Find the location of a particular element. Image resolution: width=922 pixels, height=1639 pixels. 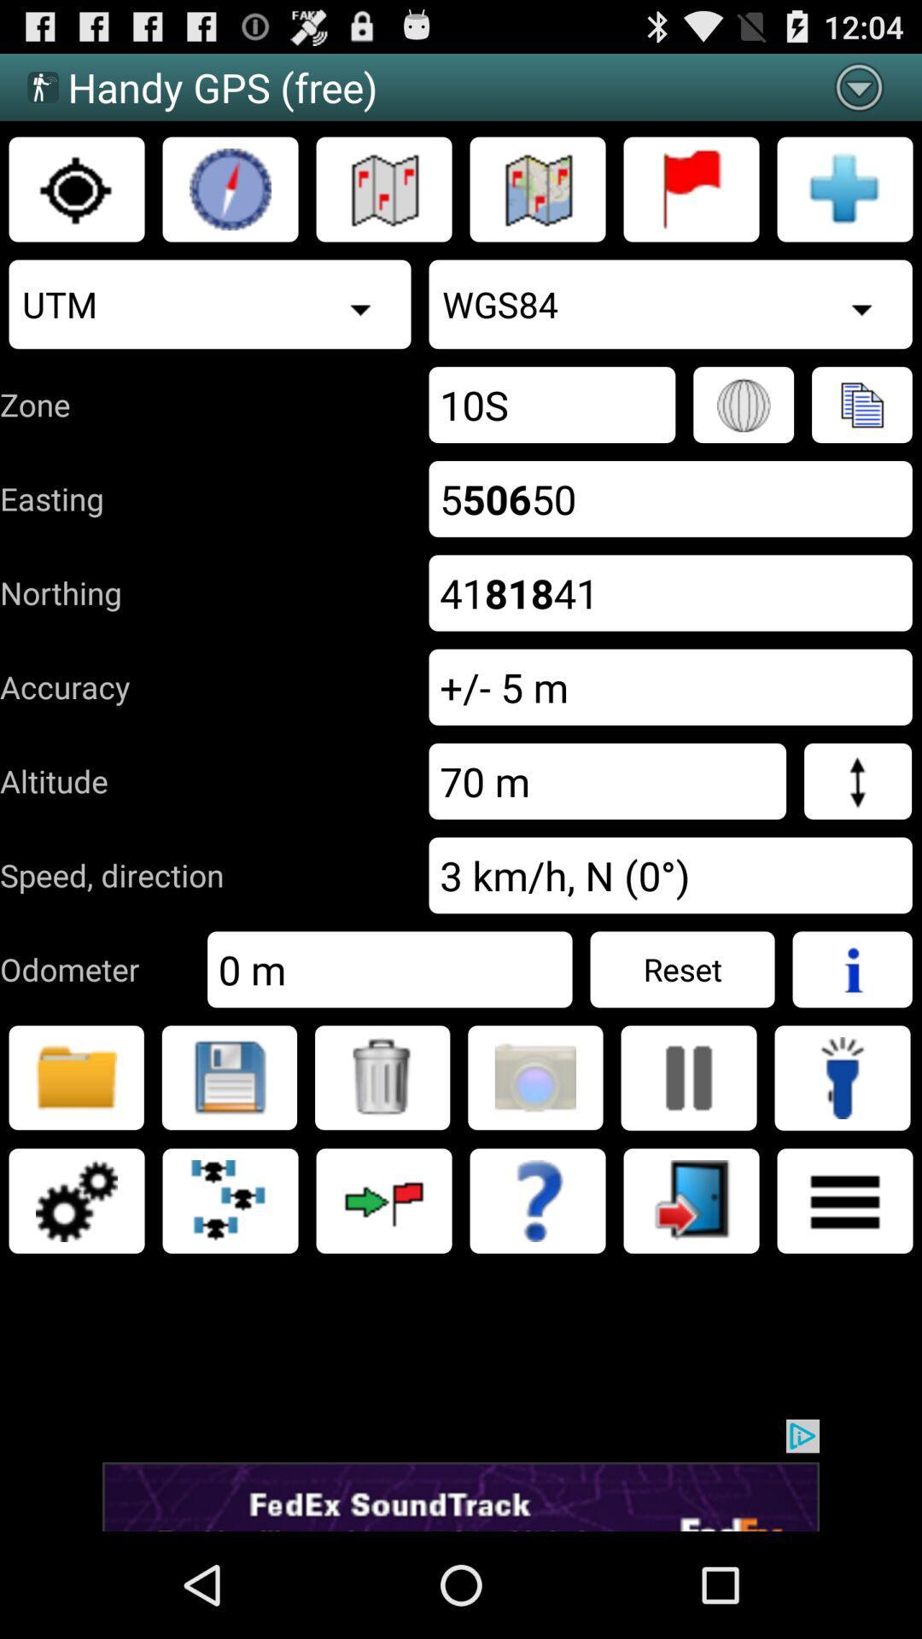

files is located at coordinates (75, 1076).